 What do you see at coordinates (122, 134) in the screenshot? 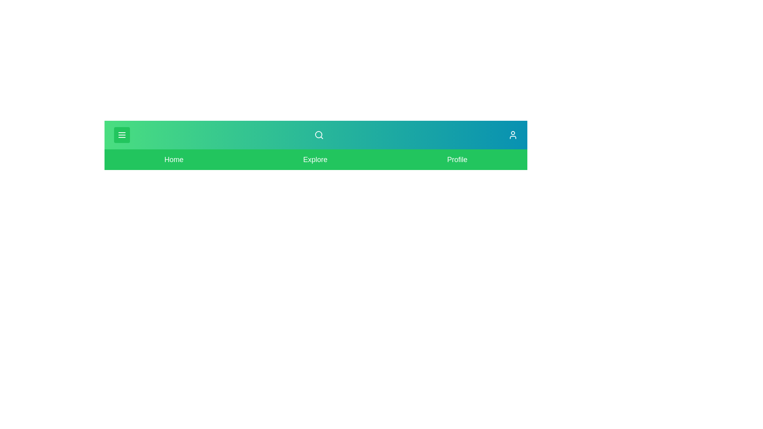
I see `the menu button to toggle the navigation menu visibility` at bounding box center [122, 134].